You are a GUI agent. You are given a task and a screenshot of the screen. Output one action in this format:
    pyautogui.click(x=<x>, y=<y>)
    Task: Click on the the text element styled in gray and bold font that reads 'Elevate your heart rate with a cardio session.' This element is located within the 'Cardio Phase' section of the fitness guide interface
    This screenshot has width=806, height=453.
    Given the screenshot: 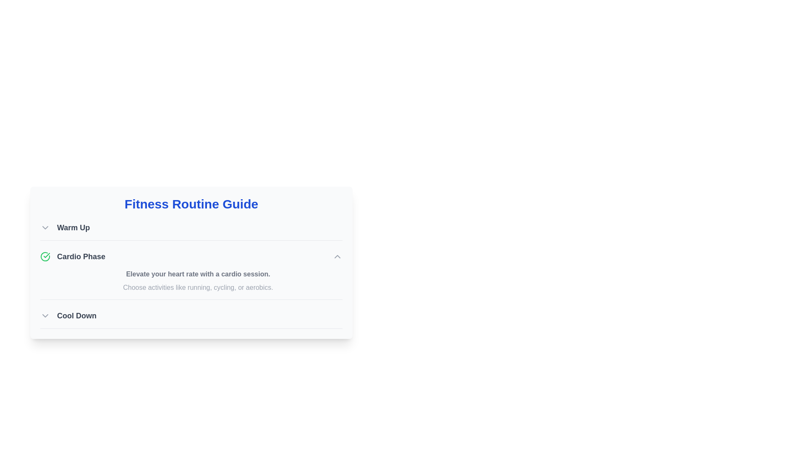 What is the action you would take?
    pyautogui.click(x=197, y=274)
    